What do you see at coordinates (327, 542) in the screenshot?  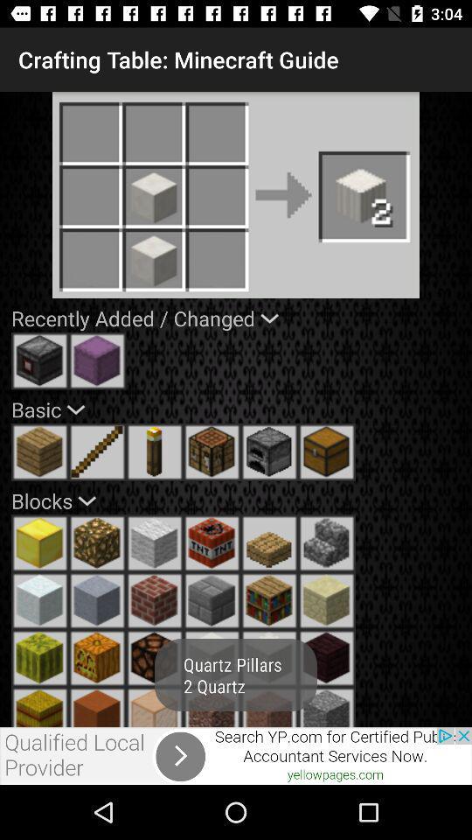 I see `item in item list` at bounding box center [327, 542].